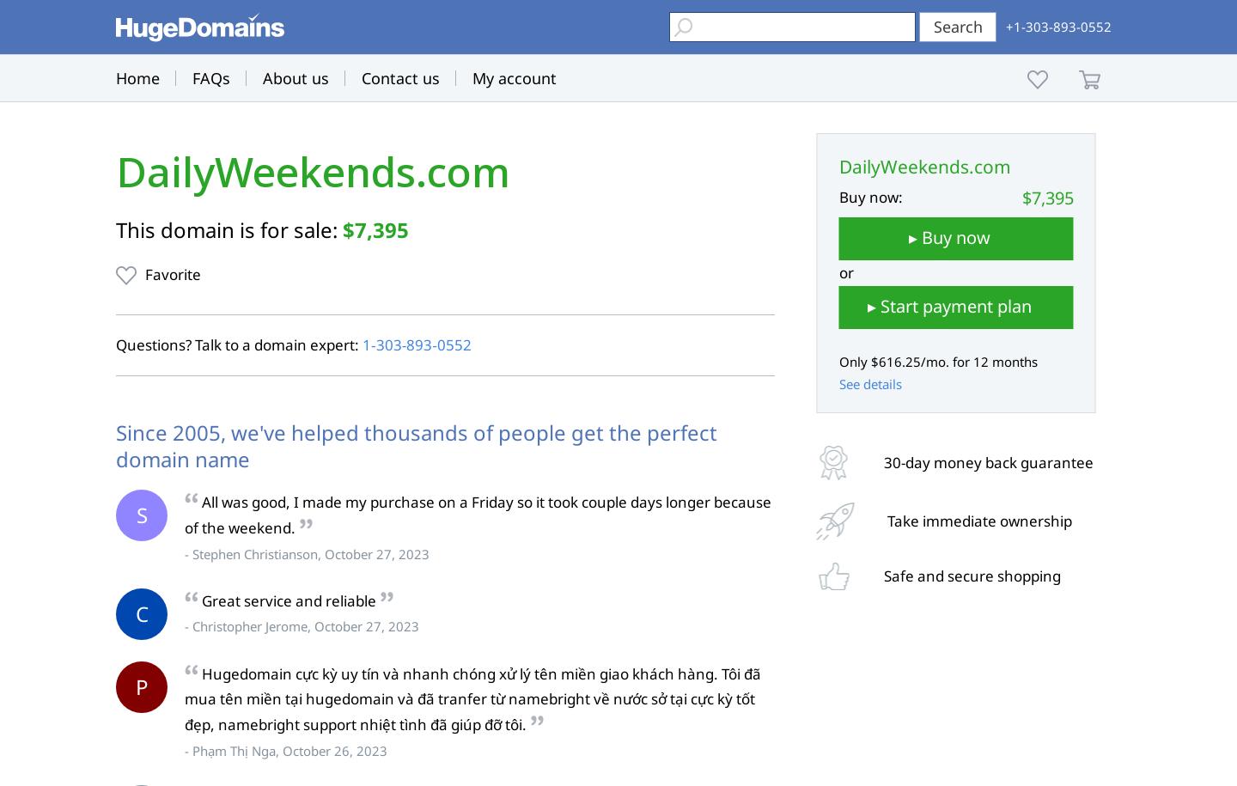 Image resolution: width=1237 pixels, height=786 pixels. Describe the element at coordinates (307, 552) in the screenshot. I see `'- Stephen Christianson, October 27, 2023'` at that location.